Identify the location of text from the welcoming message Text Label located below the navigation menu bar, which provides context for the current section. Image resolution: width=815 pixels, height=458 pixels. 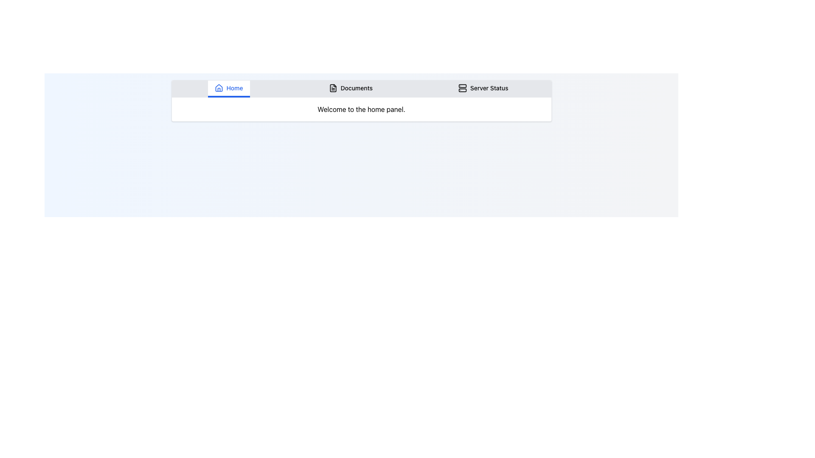
(361, 109).